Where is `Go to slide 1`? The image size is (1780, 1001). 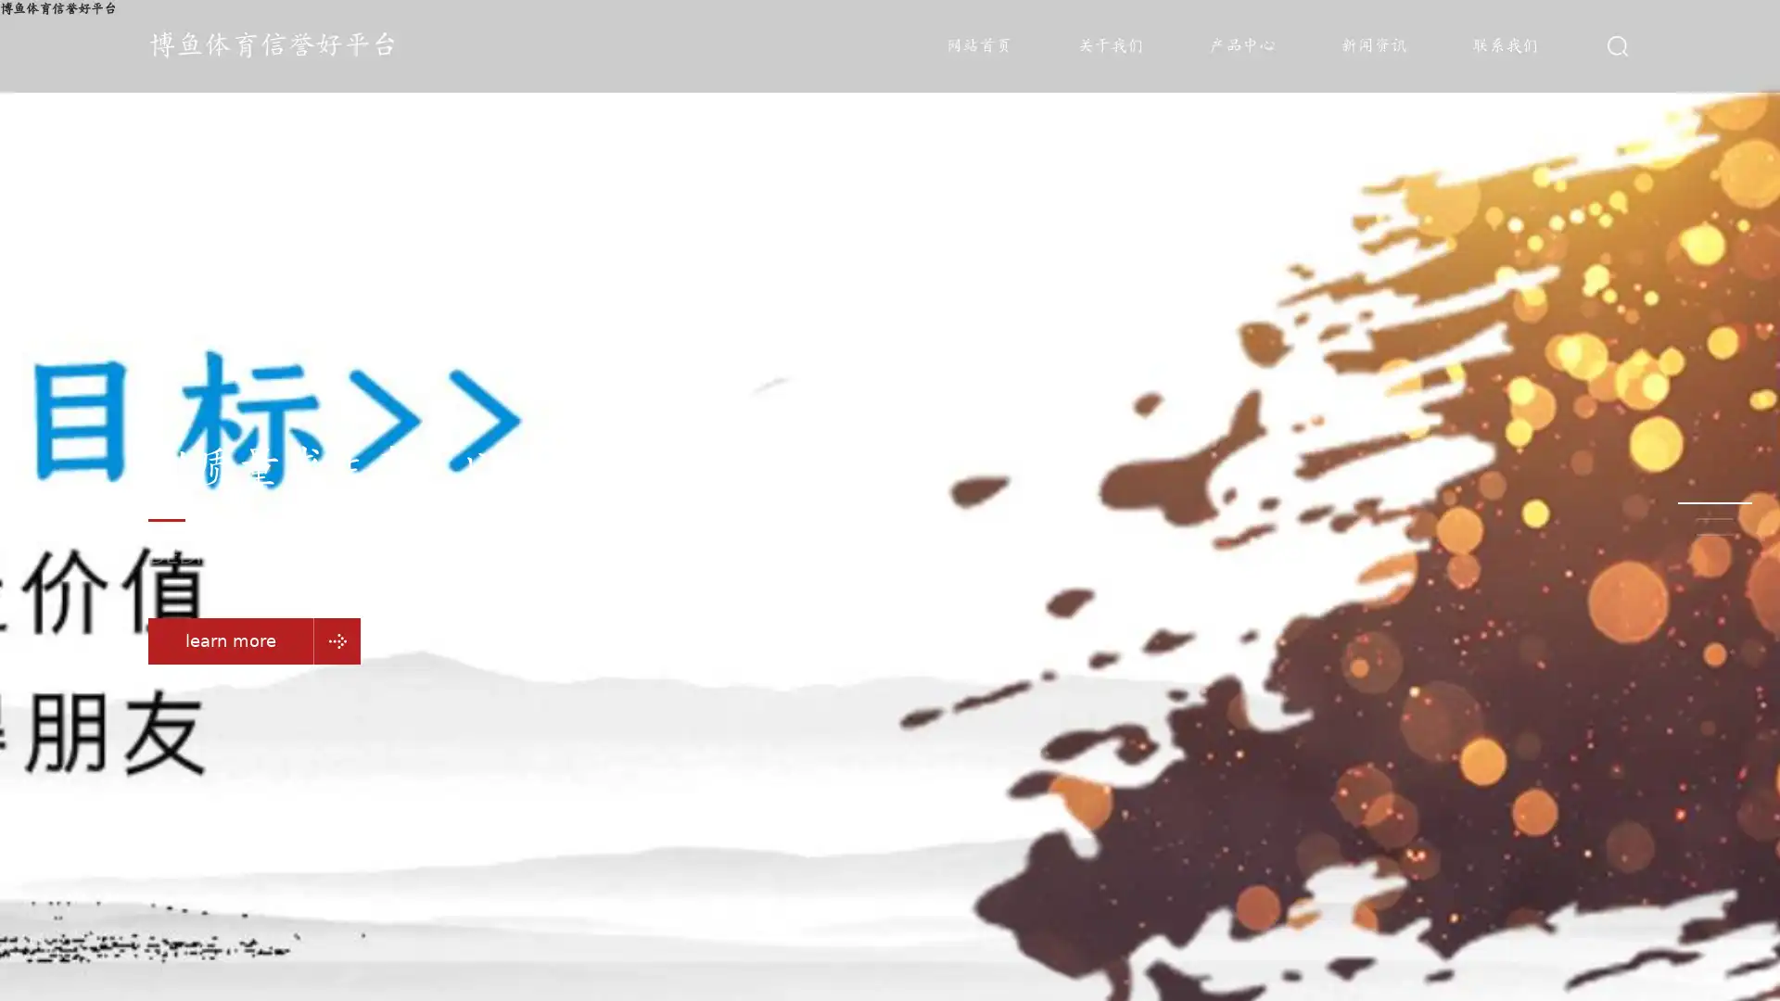 Go to slide 1 is located at coordinates (1713, 503).